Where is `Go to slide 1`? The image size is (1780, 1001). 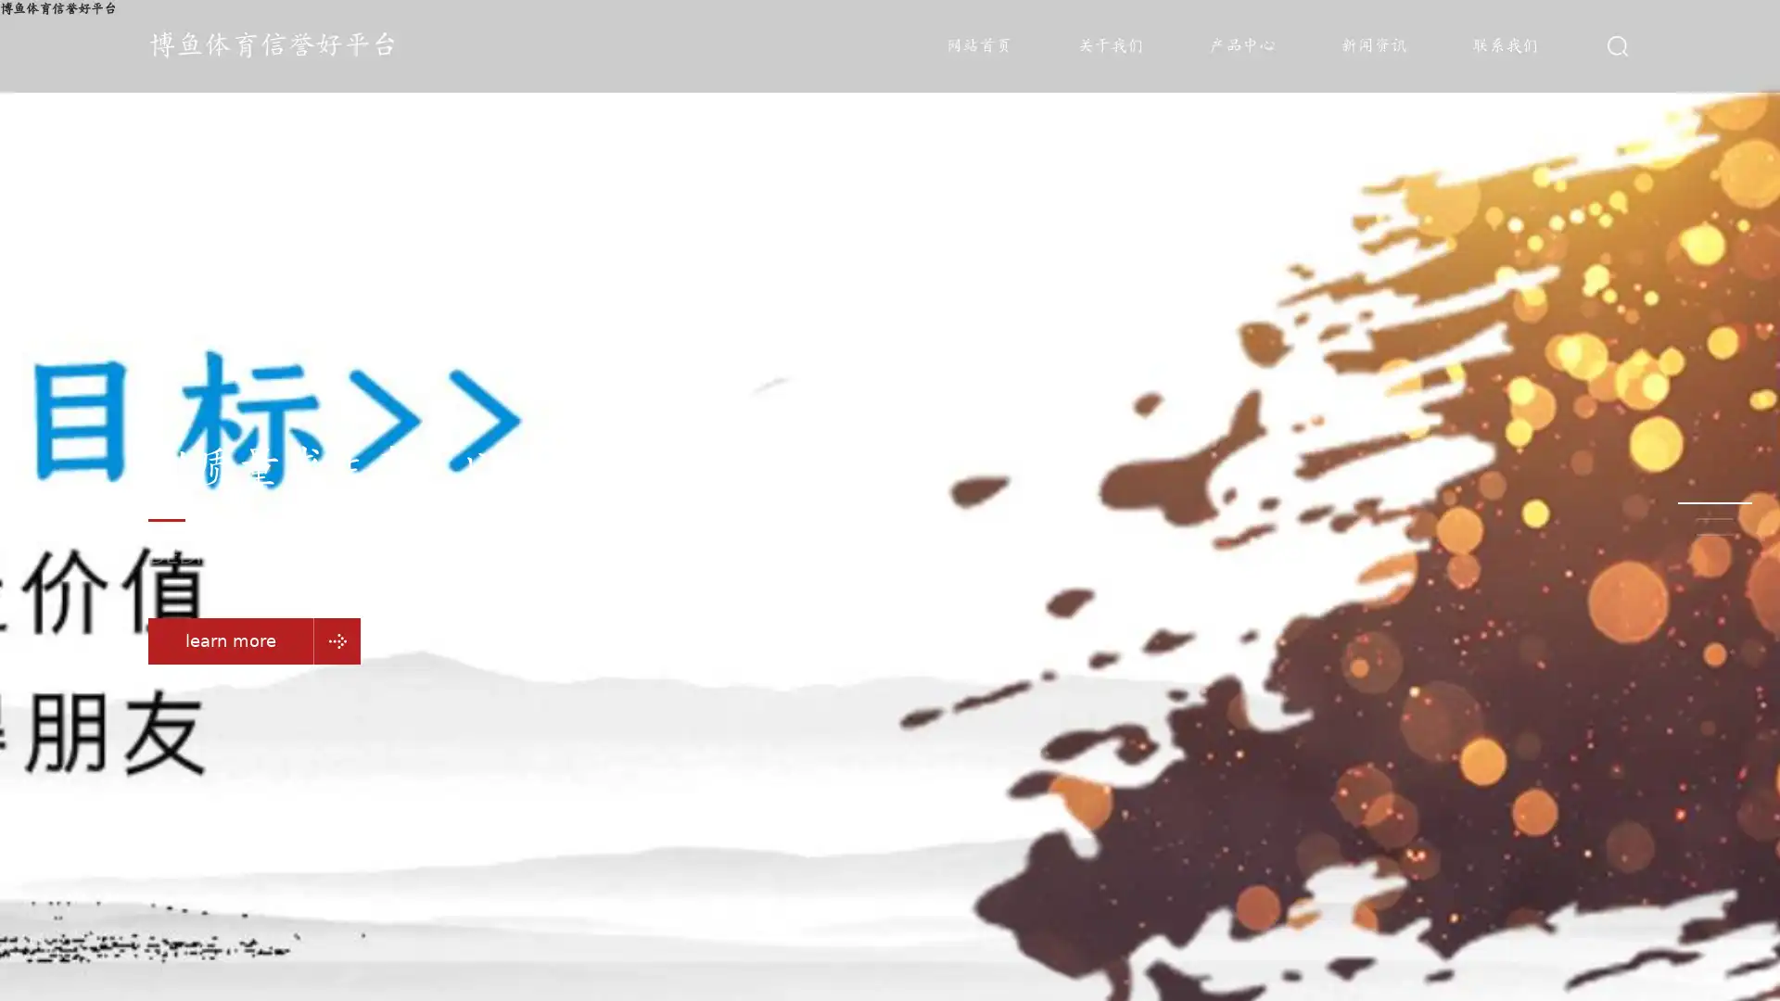 Go to slide 1 is located at coordinates (1713, 503).